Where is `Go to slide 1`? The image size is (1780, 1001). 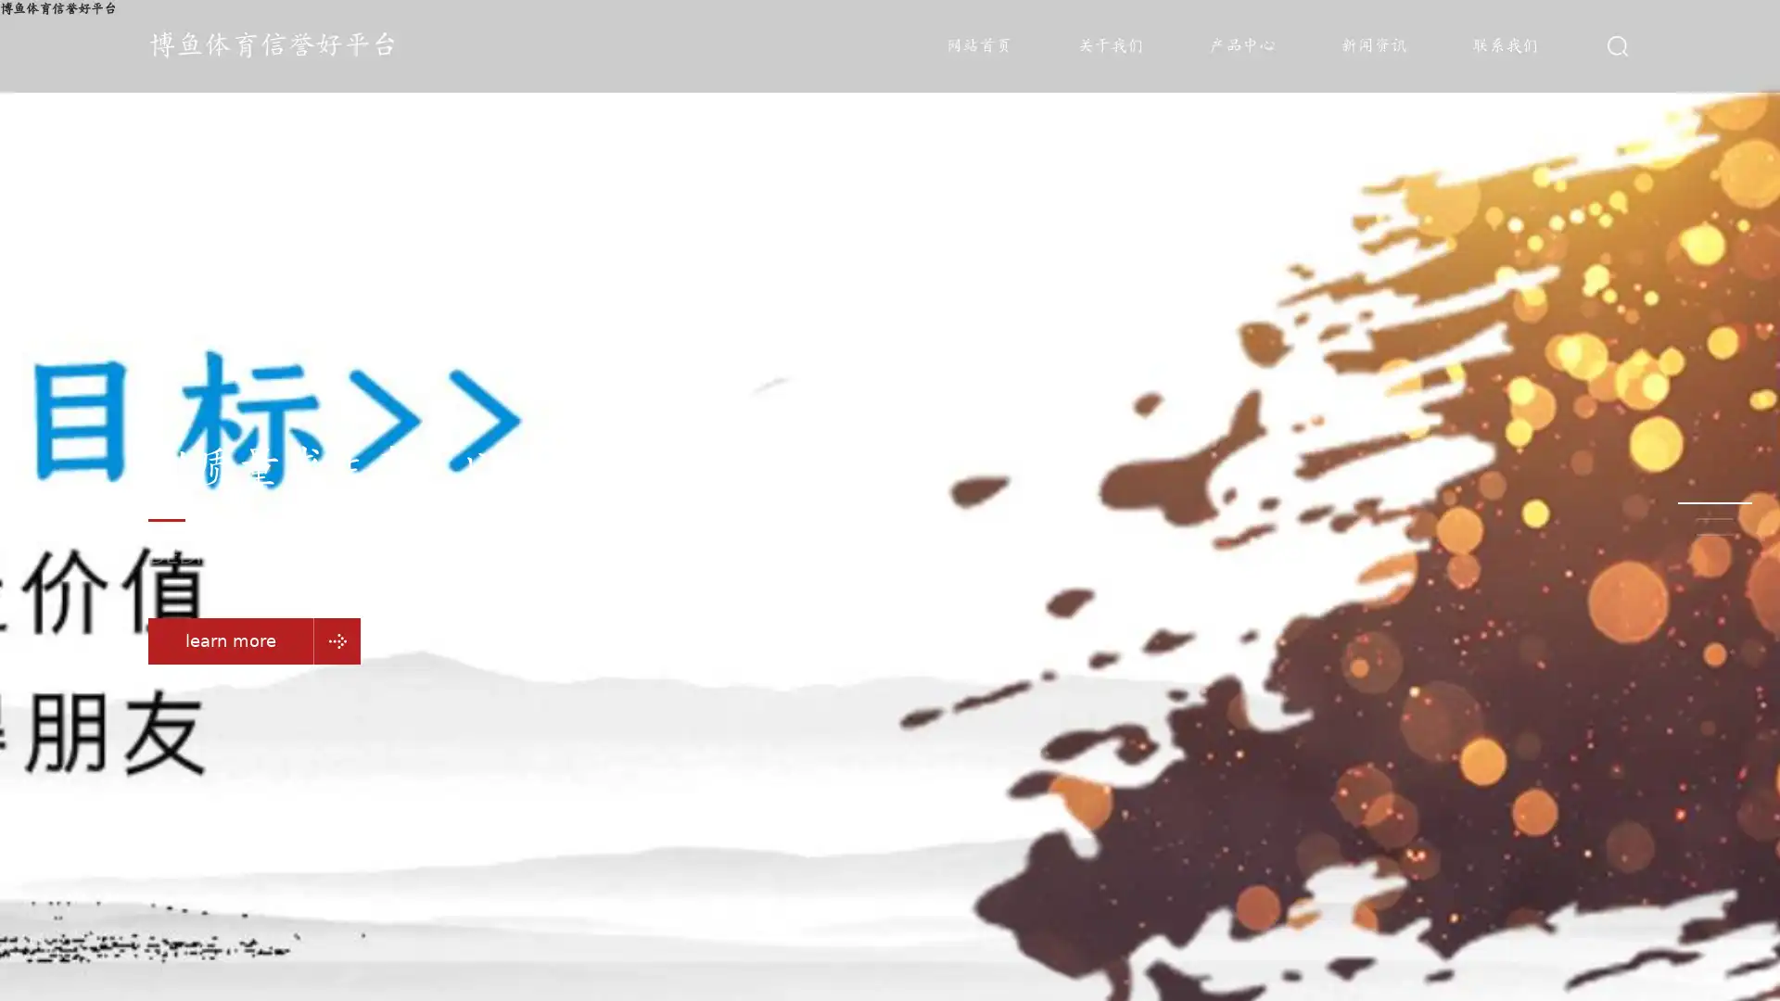 Go to slide 1 is located at coordinates (1713, 503).